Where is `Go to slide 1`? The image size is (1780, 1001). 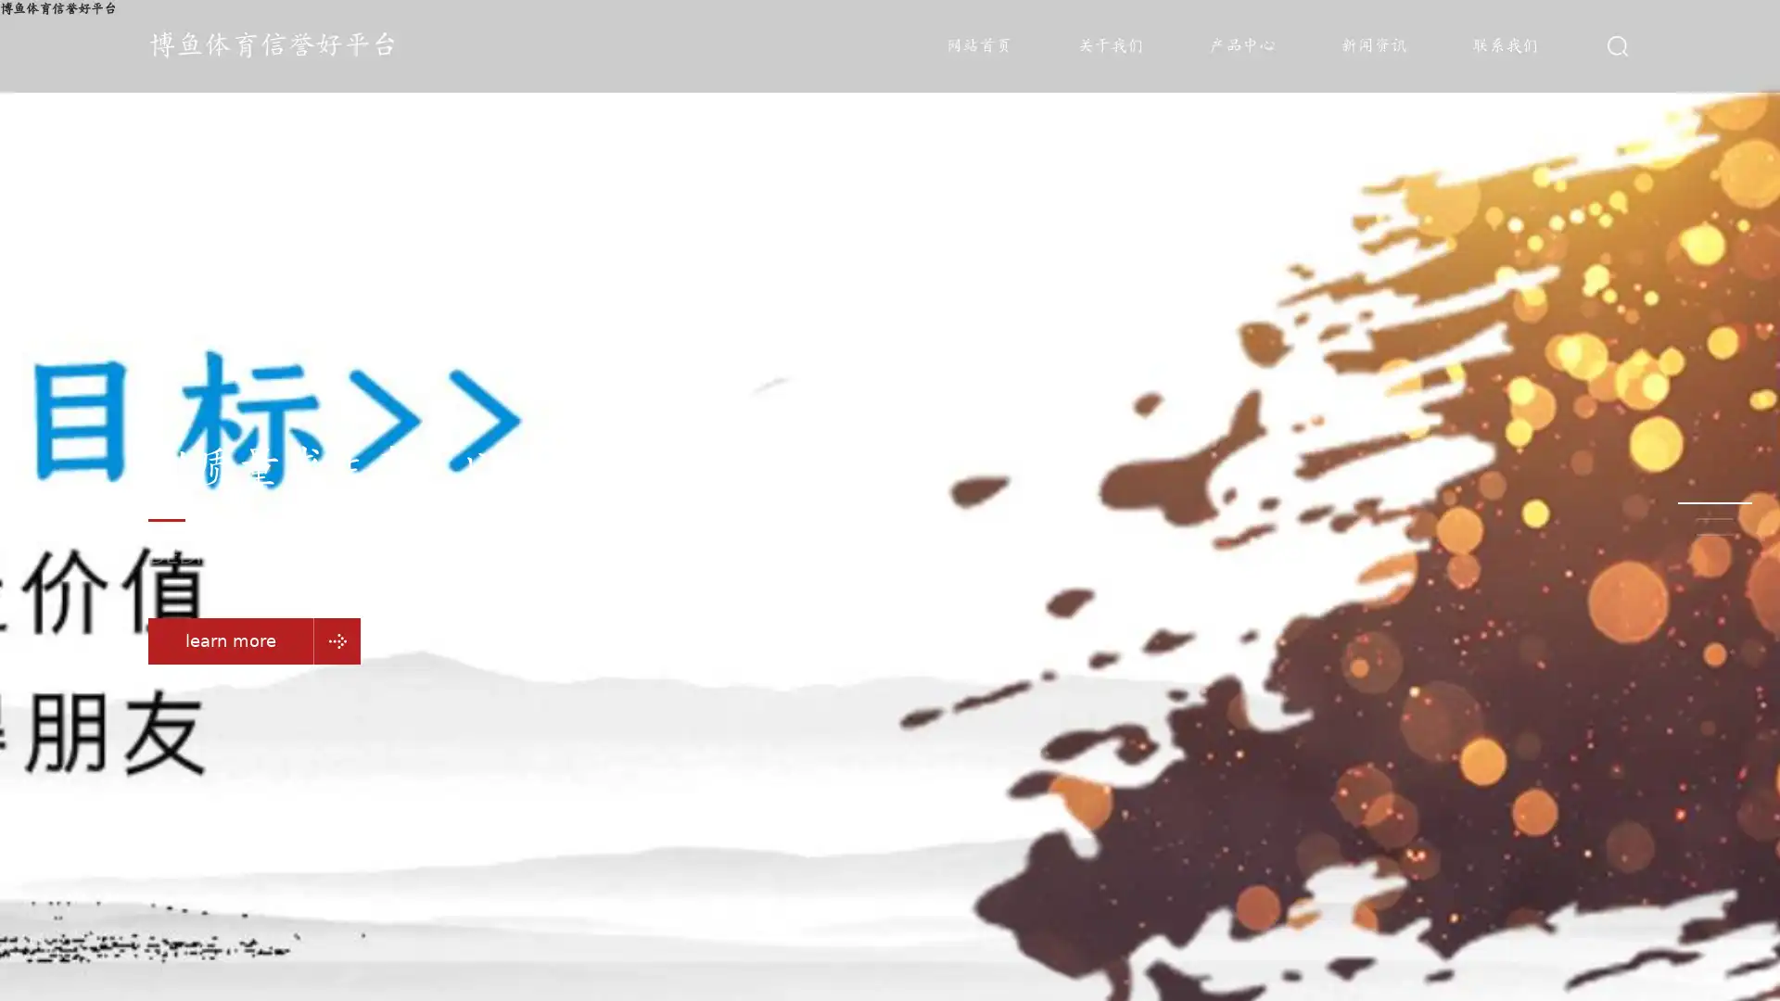 Go to slide 1 is located at coordinates (1713, 503).